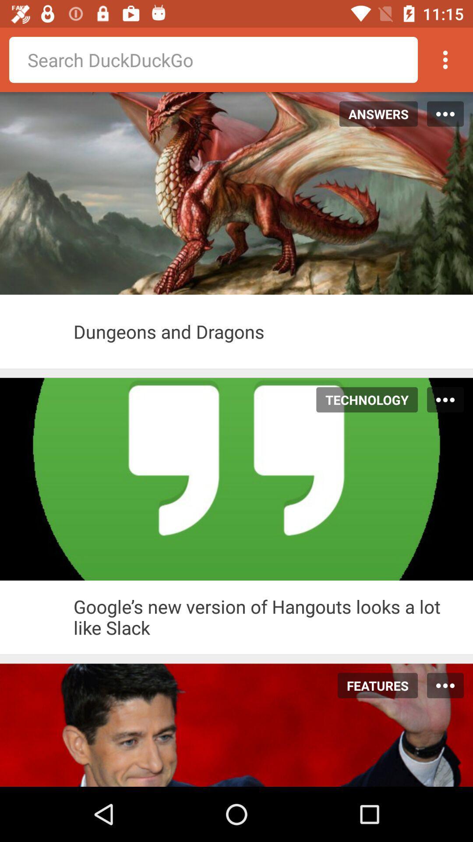 This screenshot has width=473, height=842. What do you see at coordinates (445, 59) in the screenshot?
I see `the icon at right side of the search bar` at bounding box center [445, 59].